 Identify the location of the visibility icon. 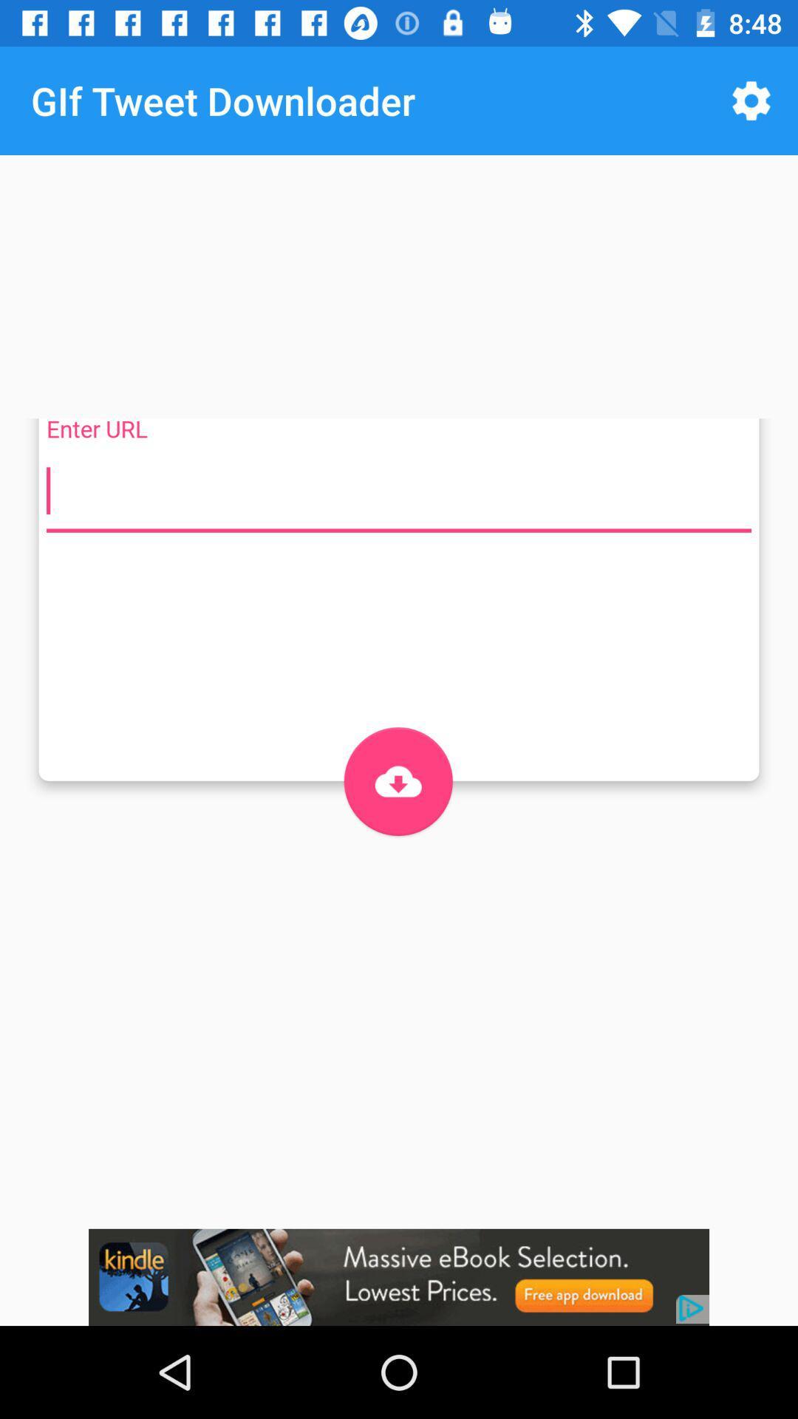
(398, 780).